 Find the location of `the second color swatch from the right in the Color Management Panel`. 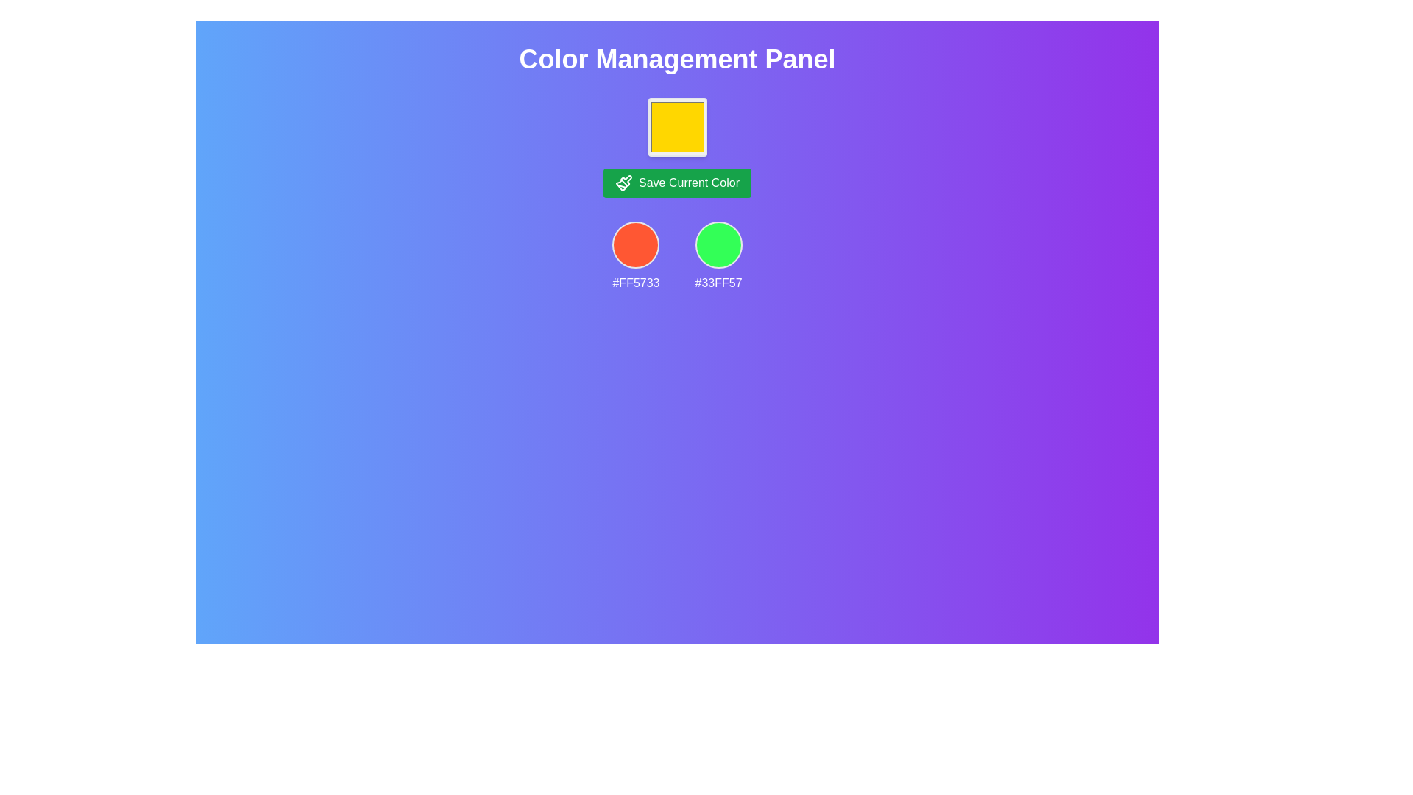

the second color swatch from the right in the Color Management Panel is located at coordinates (718, 255).